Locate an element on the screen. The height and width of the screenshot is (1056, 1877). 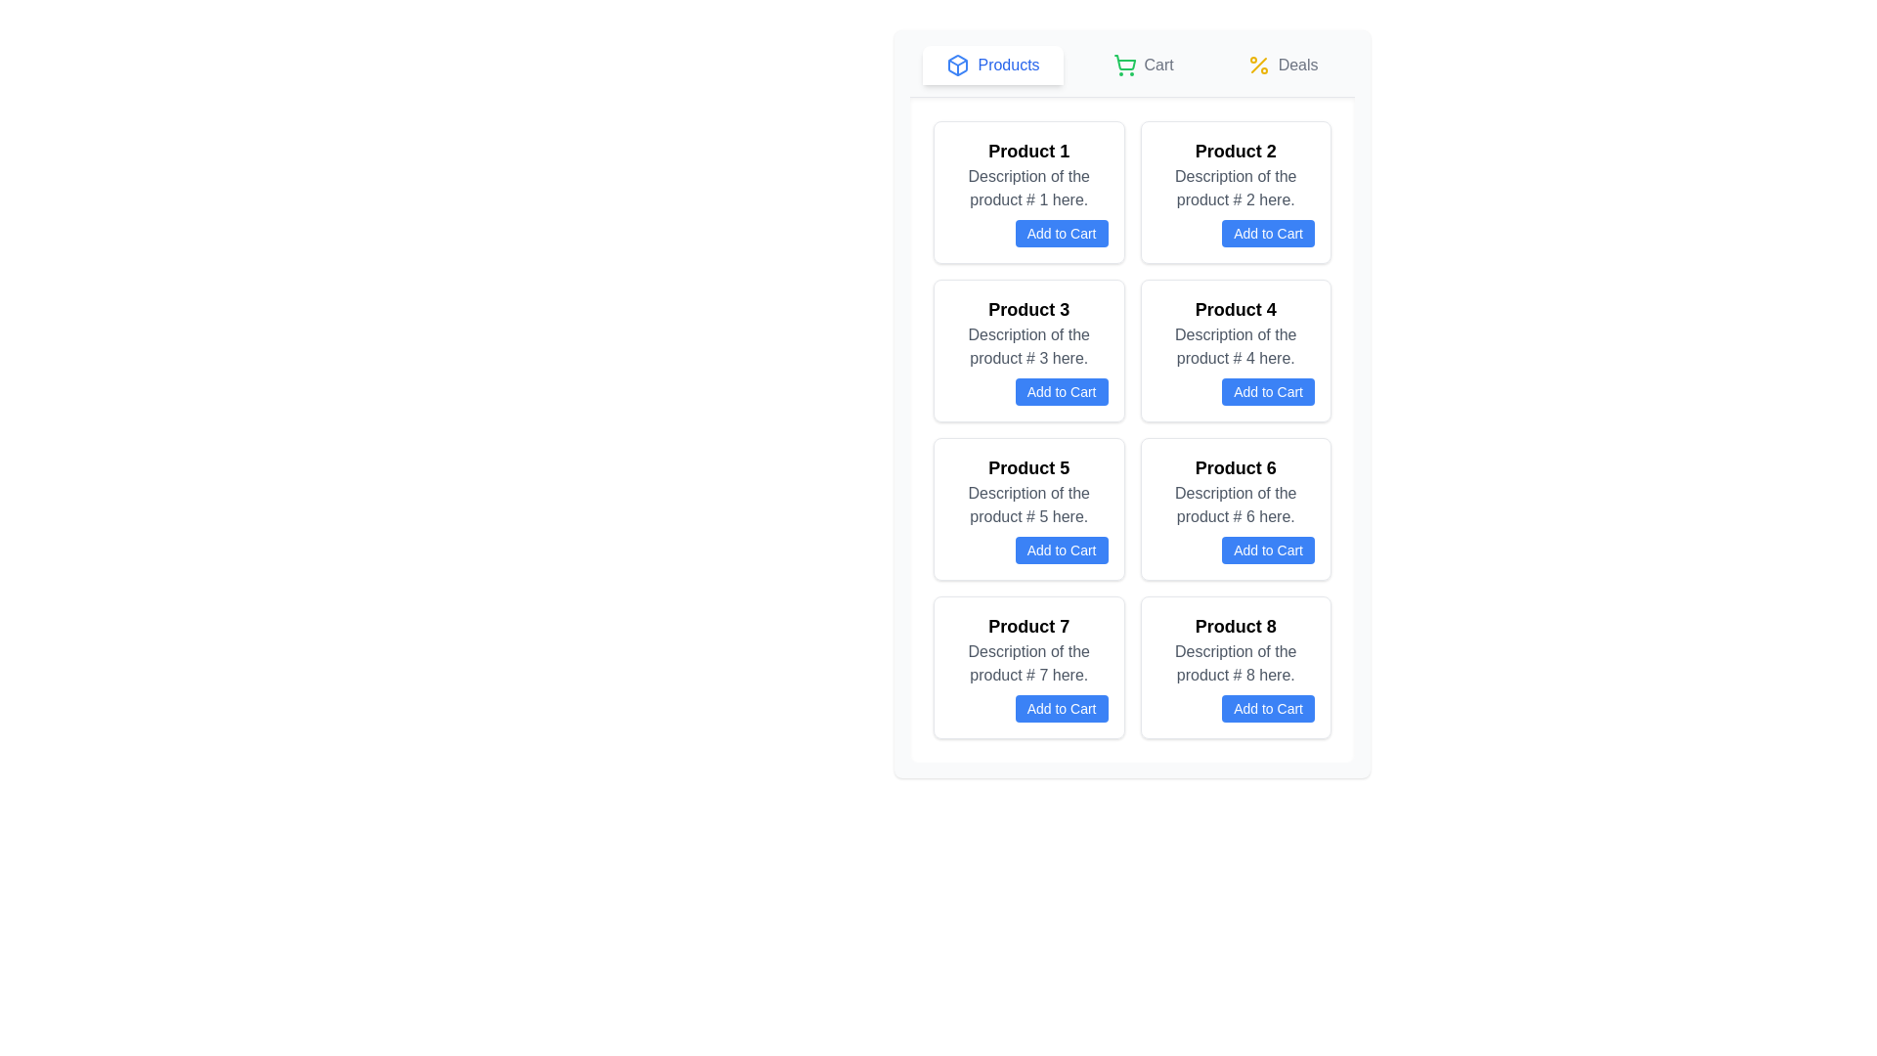
the blue outline cube icon located in the navigation bar, leftmost in the group of elements including 'Products' is located at coordinates (958, 64).